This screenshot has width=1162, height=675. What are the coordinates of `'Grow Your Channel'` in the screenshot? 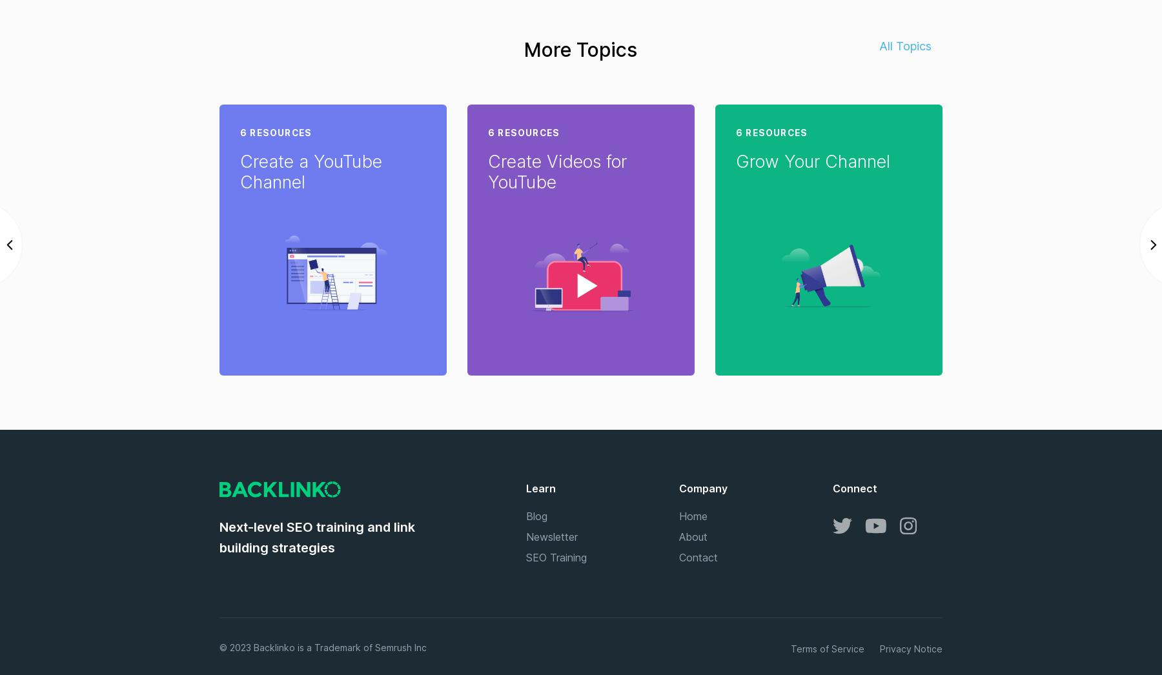 It's located at (813, 160).